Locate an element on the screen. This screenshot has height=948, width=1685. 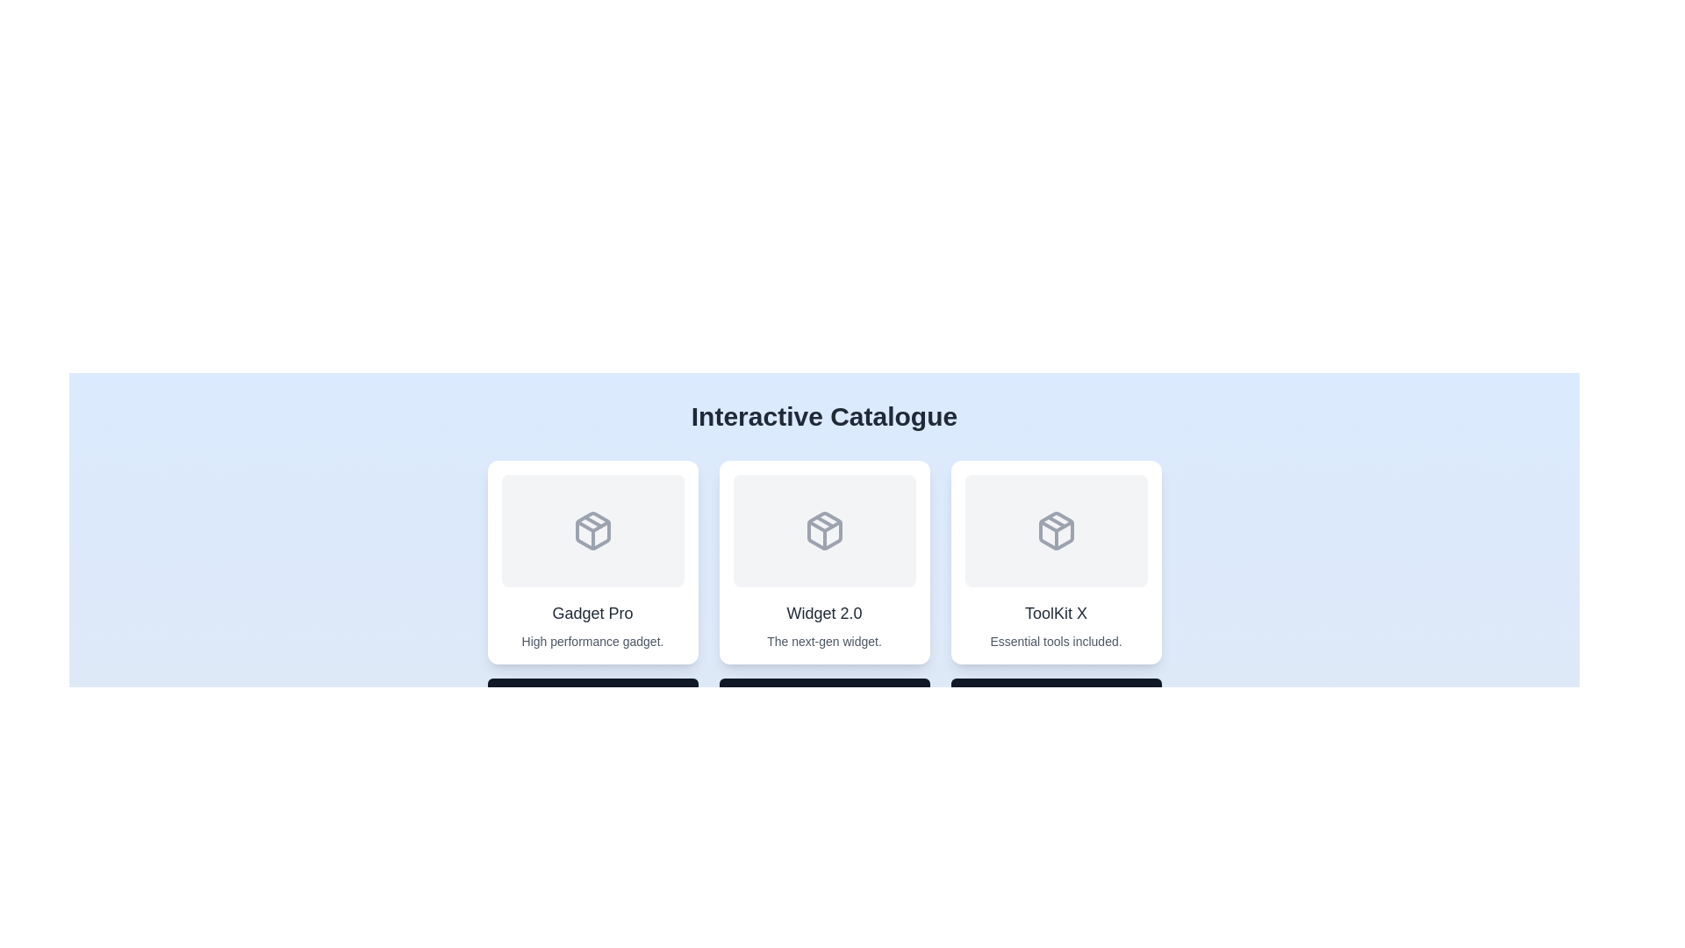
the 'Gadget Pro' icon located within the first card of the 'Interactive Catalogue' layout is located at coordinates (592, 530).